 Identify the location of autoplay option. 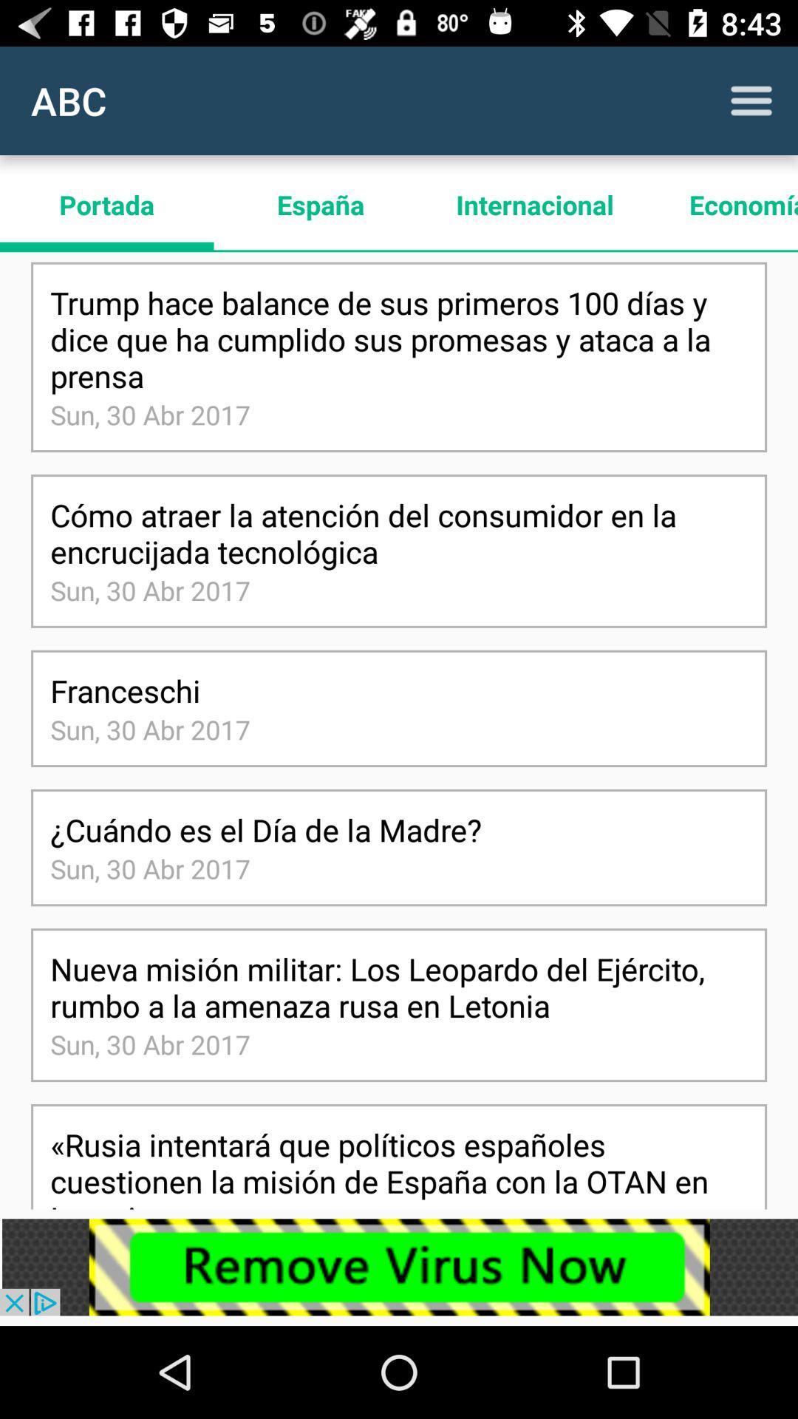
(751, 100).